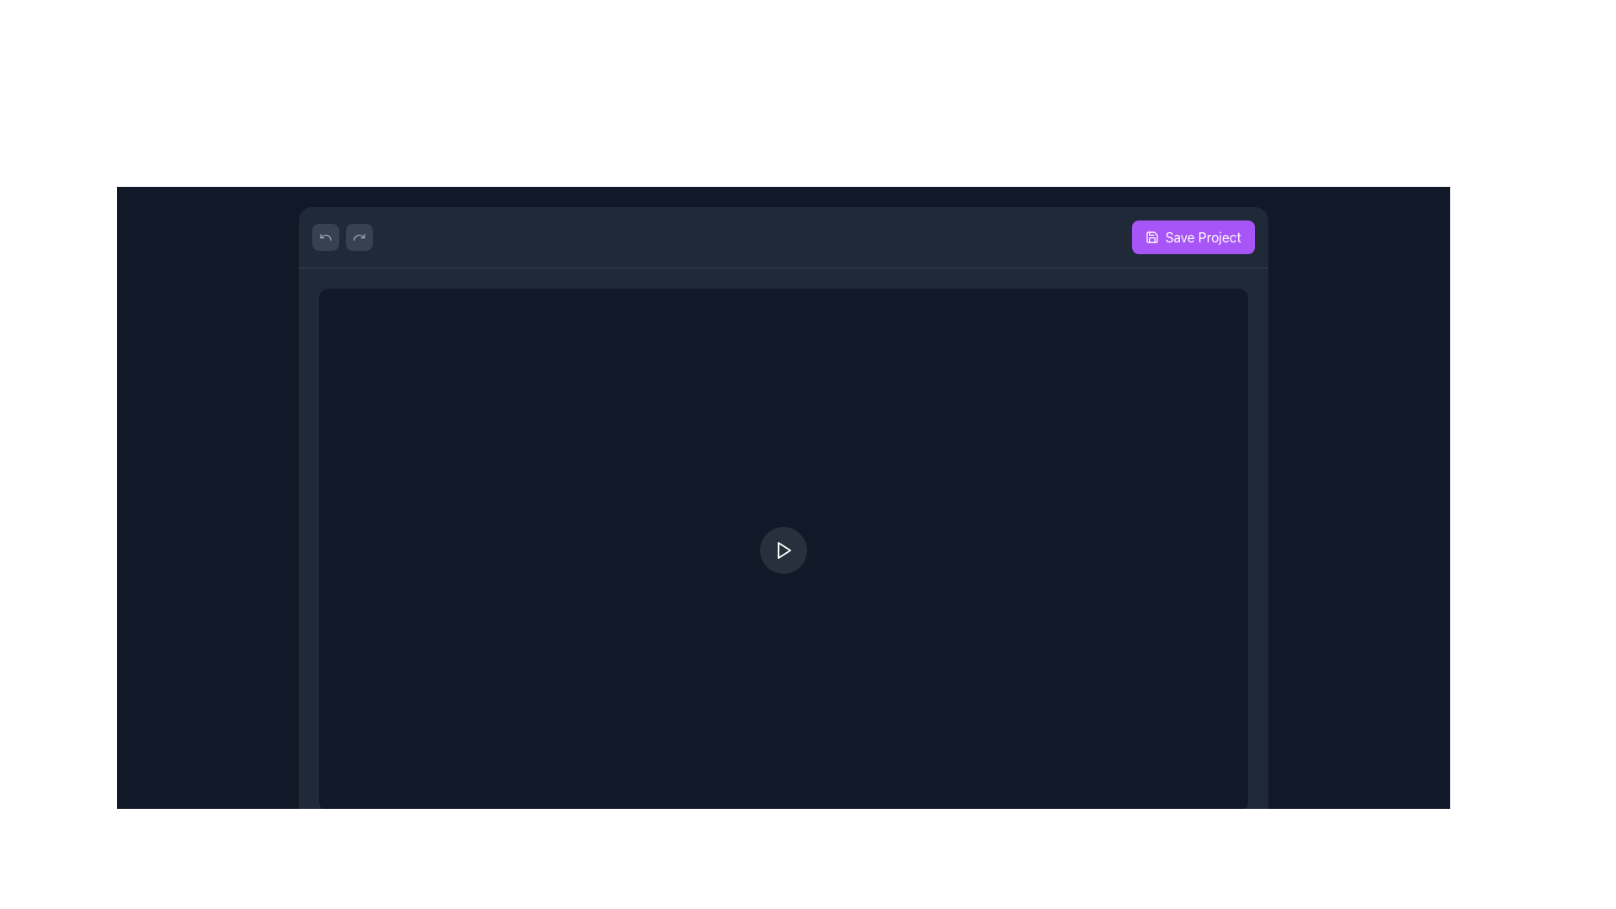  I want to click on the centrally located playback button, so click(783, 549).